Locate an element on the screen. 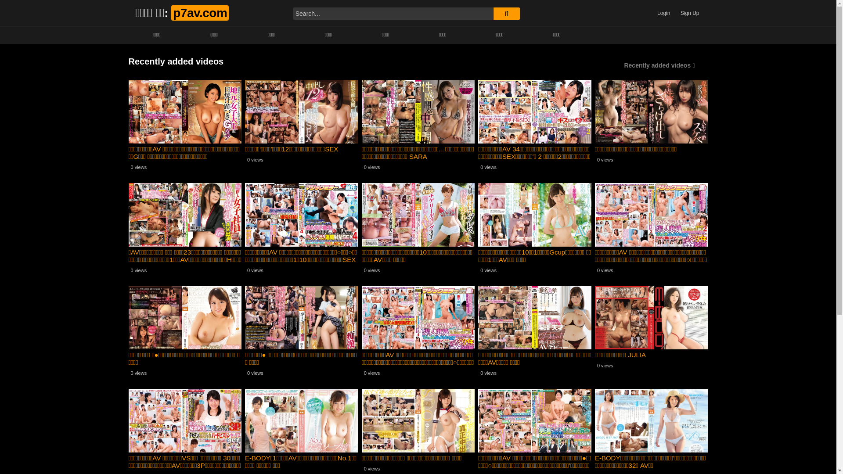  'Sign Up' is located at coordinates (689, 13).